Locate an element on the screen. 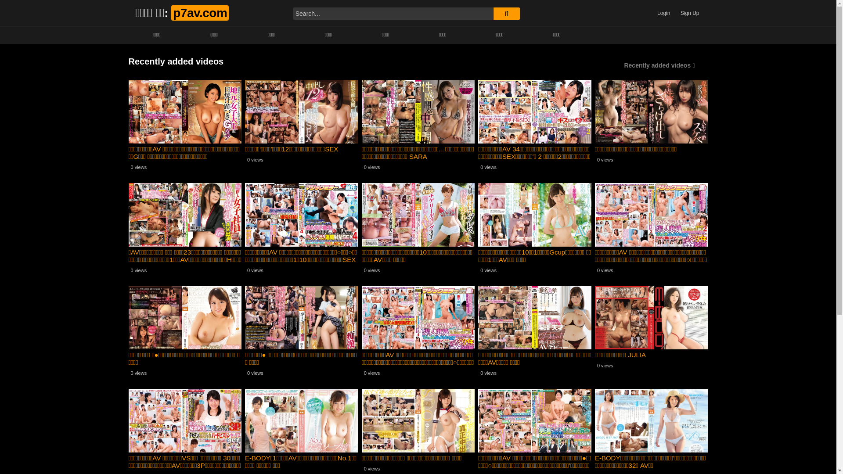  'Sign Up' is located at coordinates (689, 13).